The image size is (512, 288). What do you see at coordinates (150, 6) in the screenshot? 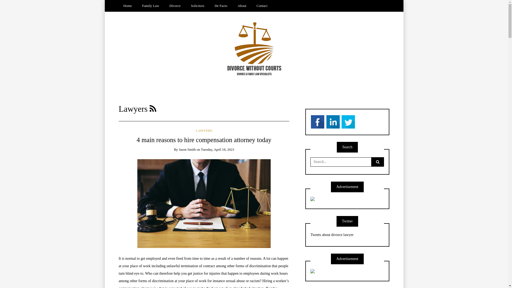
I see `'Family Law'` at bounding box center [150, 6].